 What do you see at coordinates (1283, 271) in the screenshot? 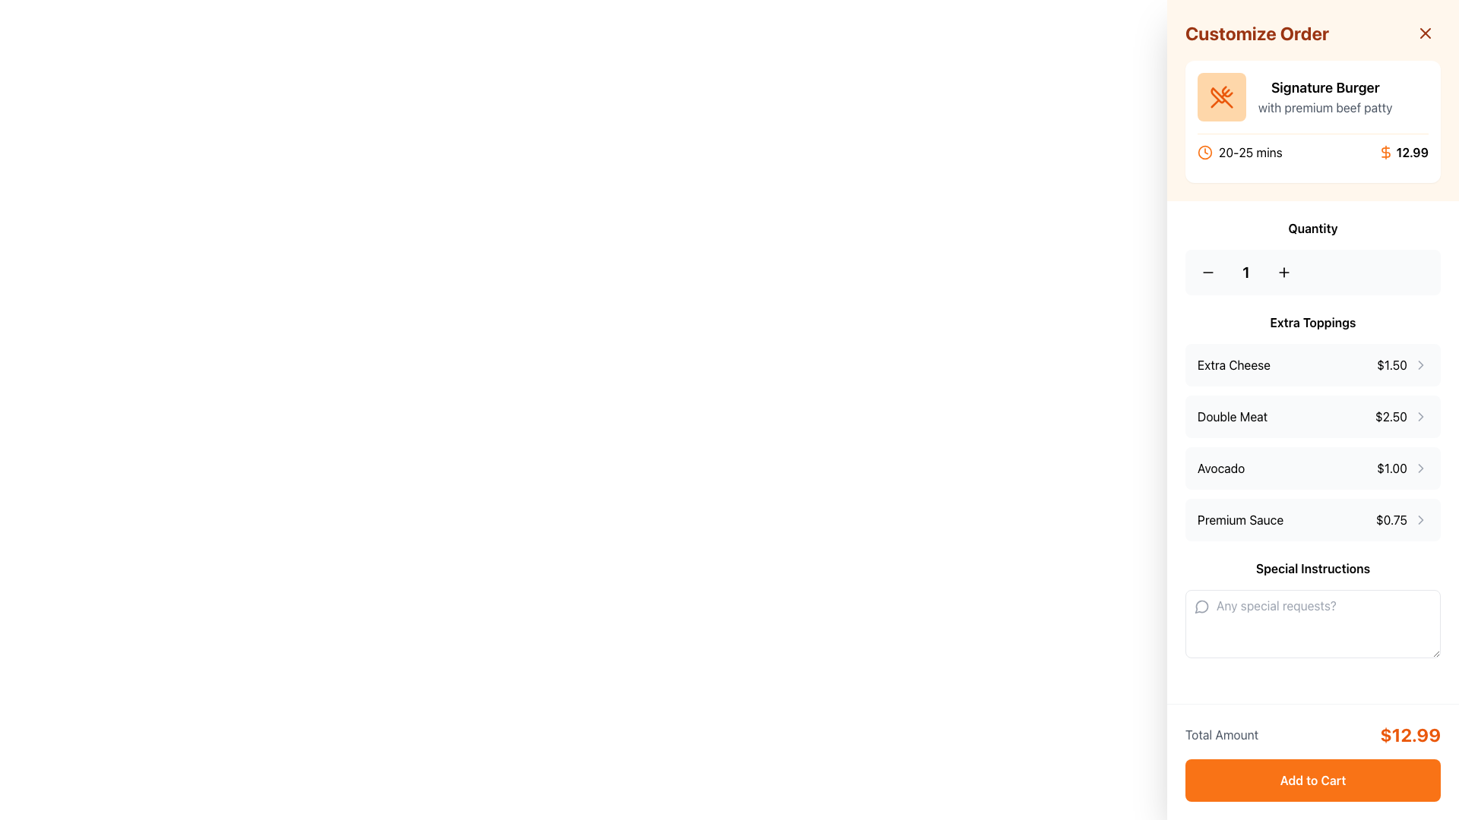
I see `the plus icon button used for incrementing the quantity of the item, located under the 'Quantity' label and to the right of the numeric value` at bounding box center [1283, 271].